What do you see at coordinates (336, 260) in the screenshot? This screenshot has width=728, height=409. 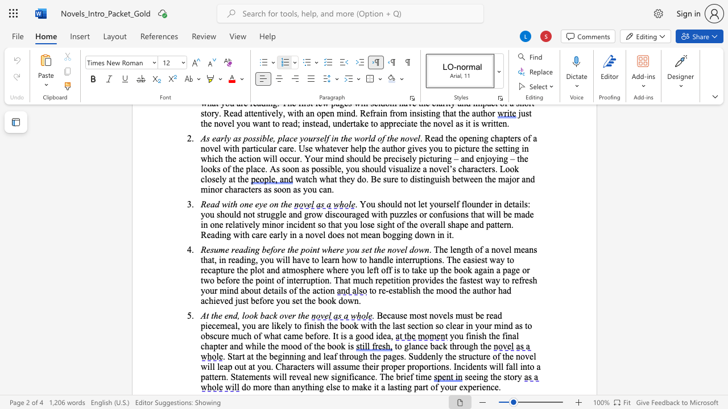 I see `the 6th character "n" in the text` at bounding box center [336, 260].